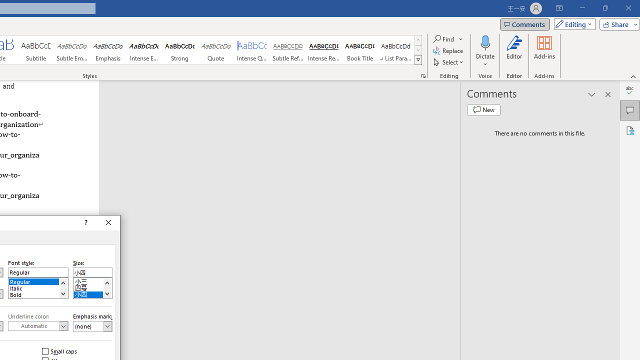 This screenshot has height=360, width=640. I want to click on 'More Options', so click(485, 60).